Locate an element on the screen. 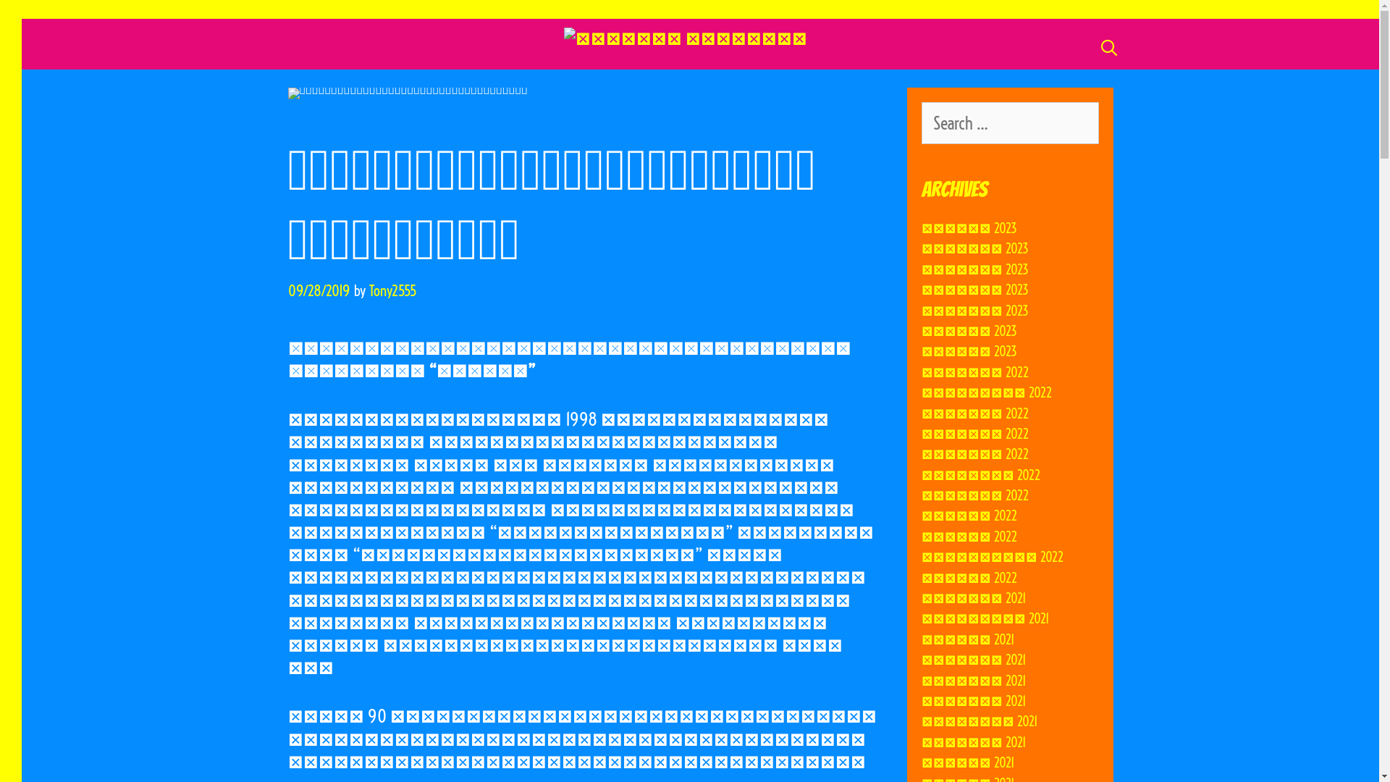  'Search' is located at coordinates (38, 18).